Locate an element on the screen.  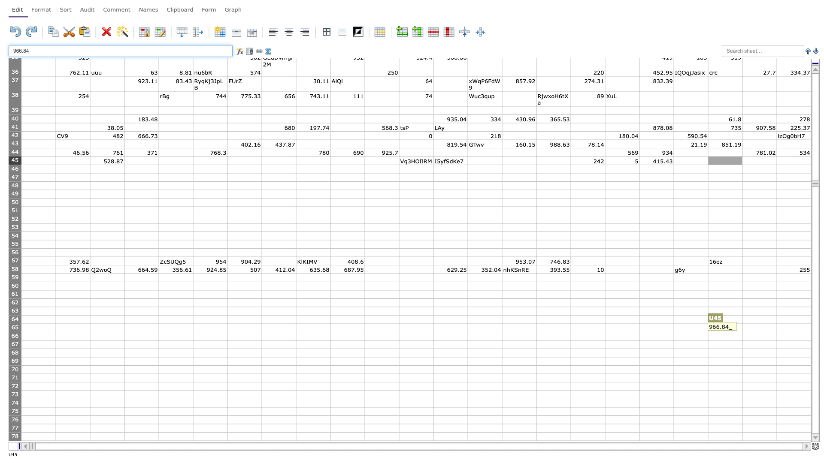
fill handle of V65 is located at coordinates (776, 331).